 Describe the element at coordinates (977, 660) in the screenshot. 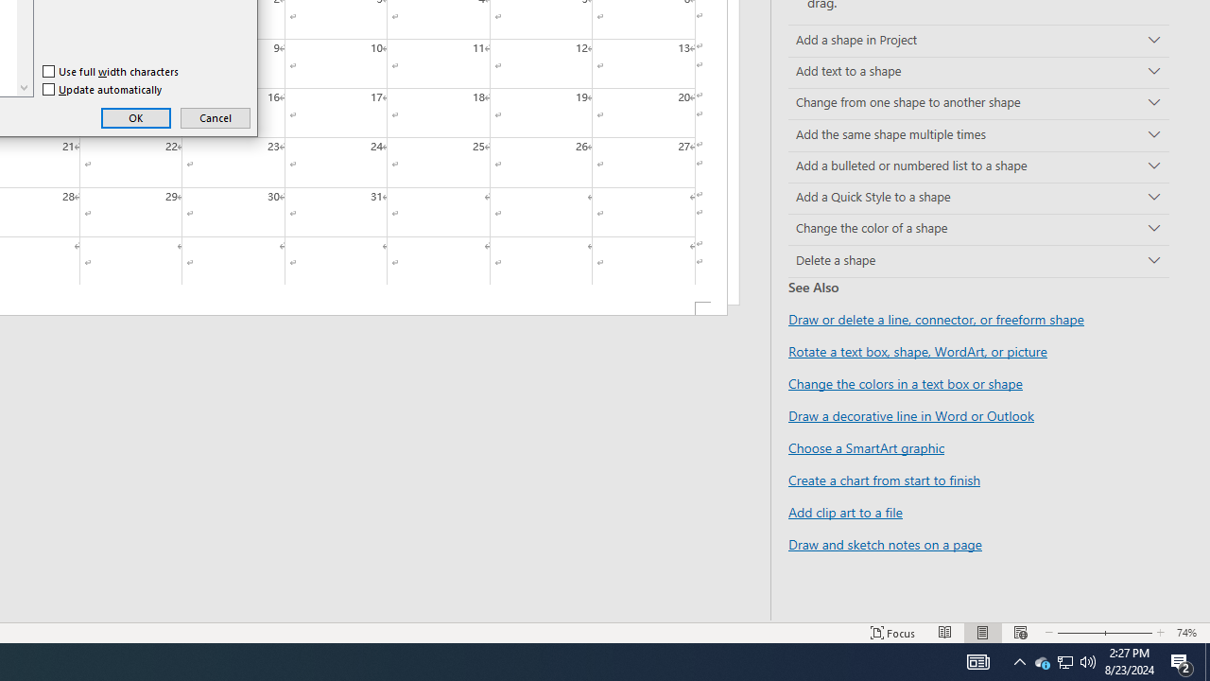

I see `'AutomationID: 4105'` at that location.